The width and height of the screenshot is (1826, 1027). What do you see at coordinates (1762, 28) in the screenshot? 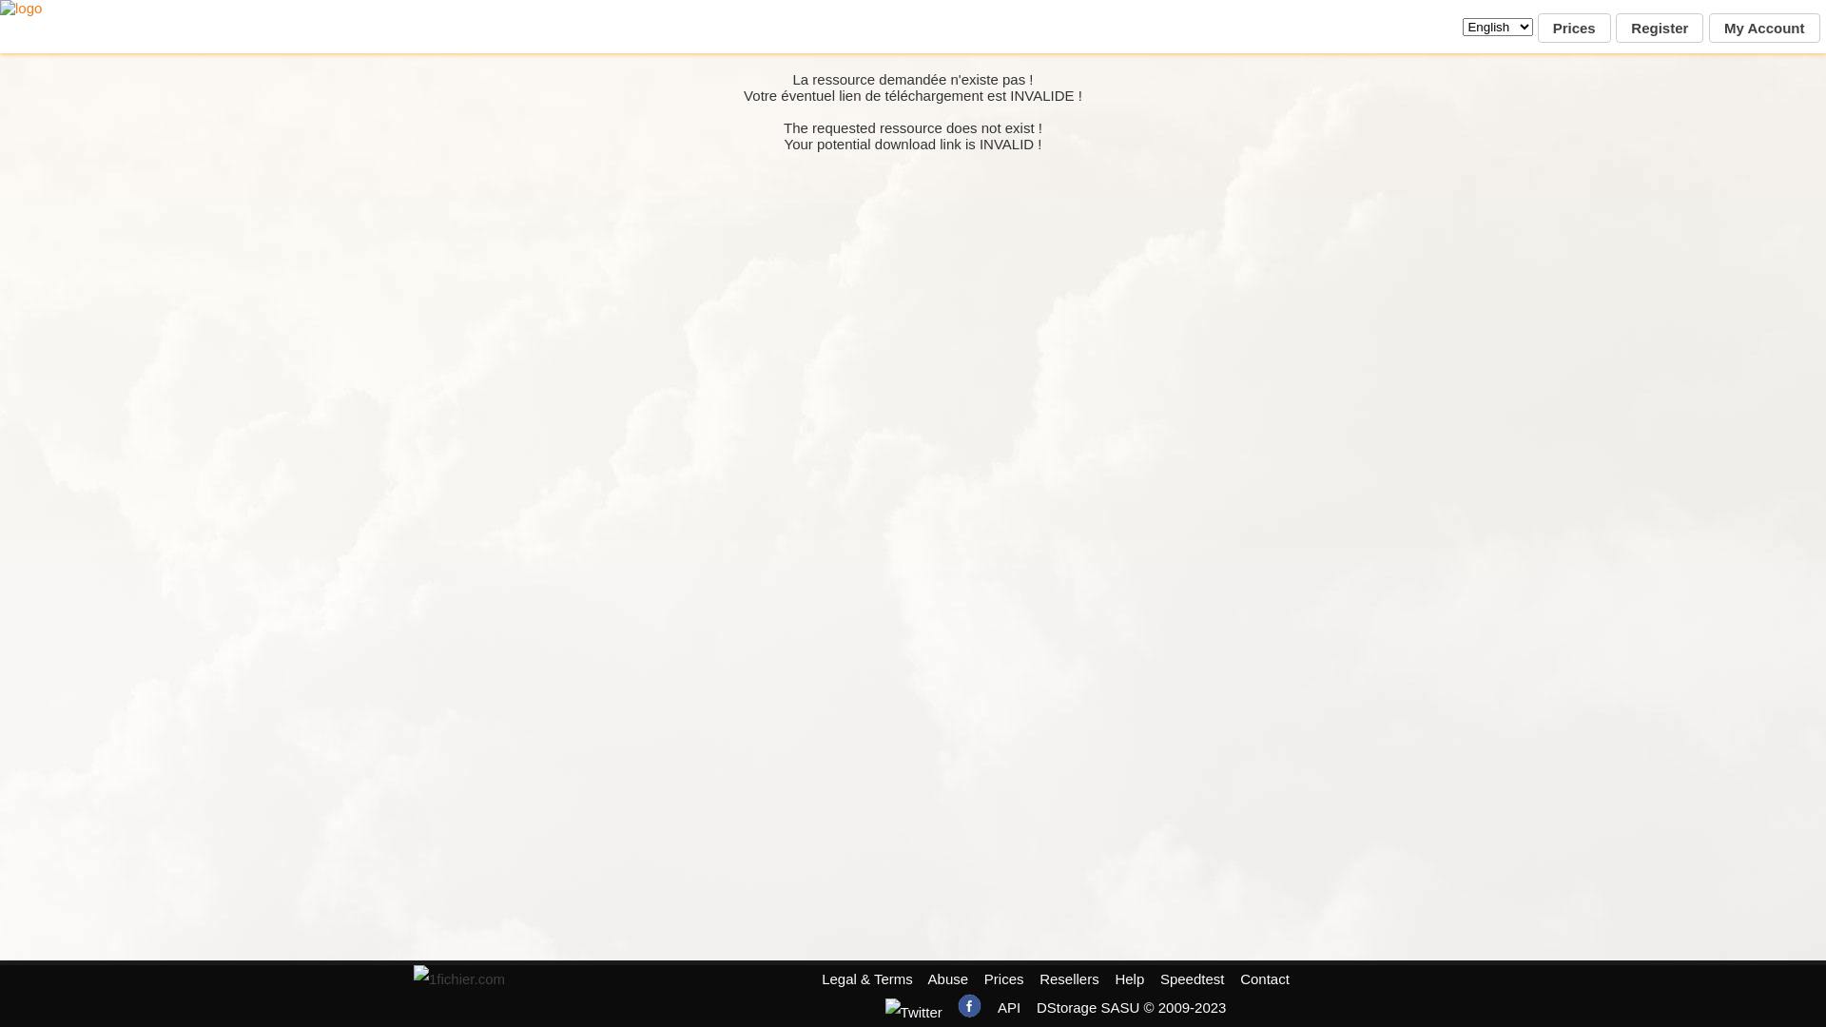
I see `'My Account'` at bounding box center [1762, 28].